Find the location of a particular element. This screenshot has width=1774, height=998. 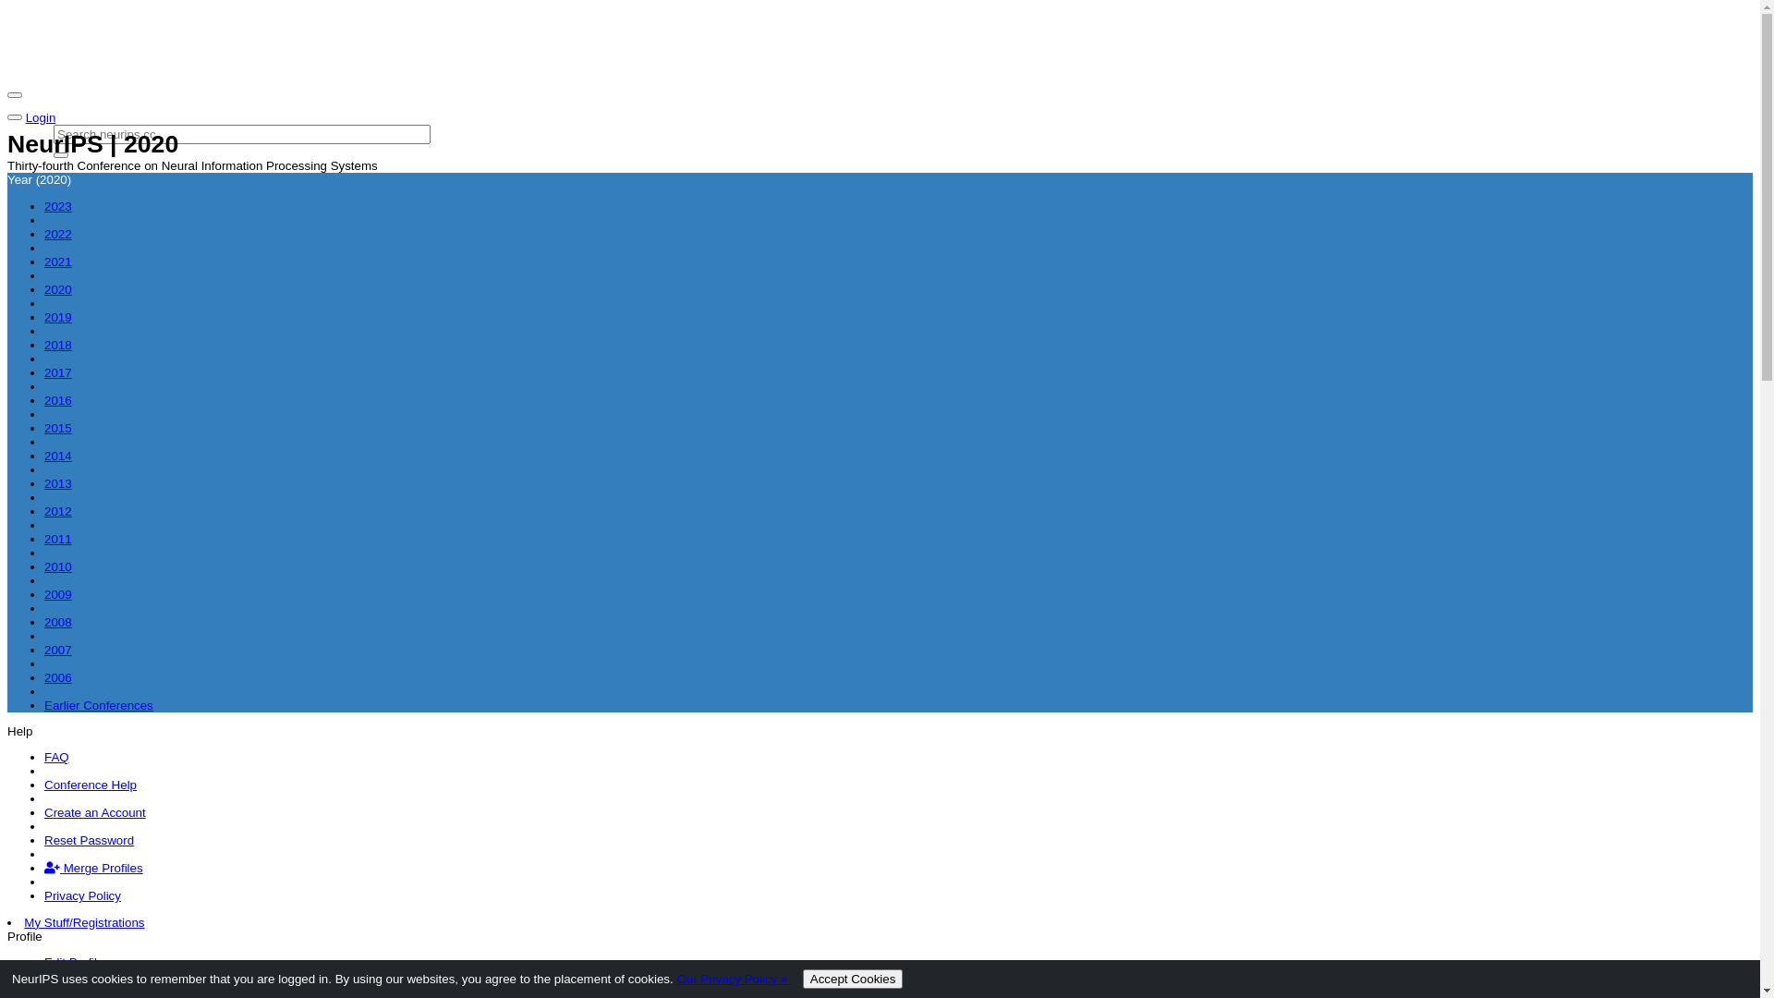

'2022' is located at coordinates (57, 233).